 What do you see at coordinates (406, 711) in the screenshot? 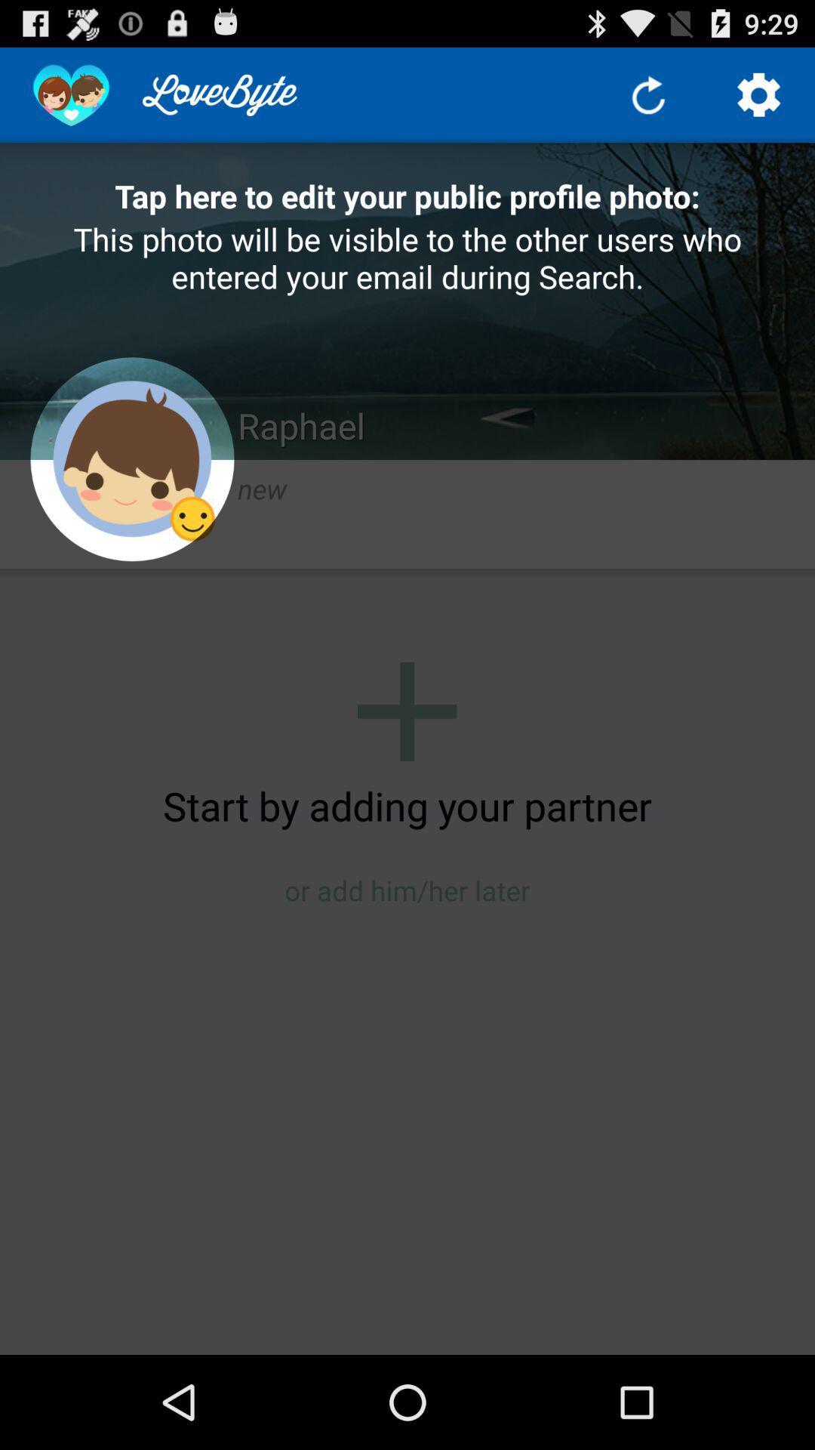
I see `button` at bounding box center [406, 711].